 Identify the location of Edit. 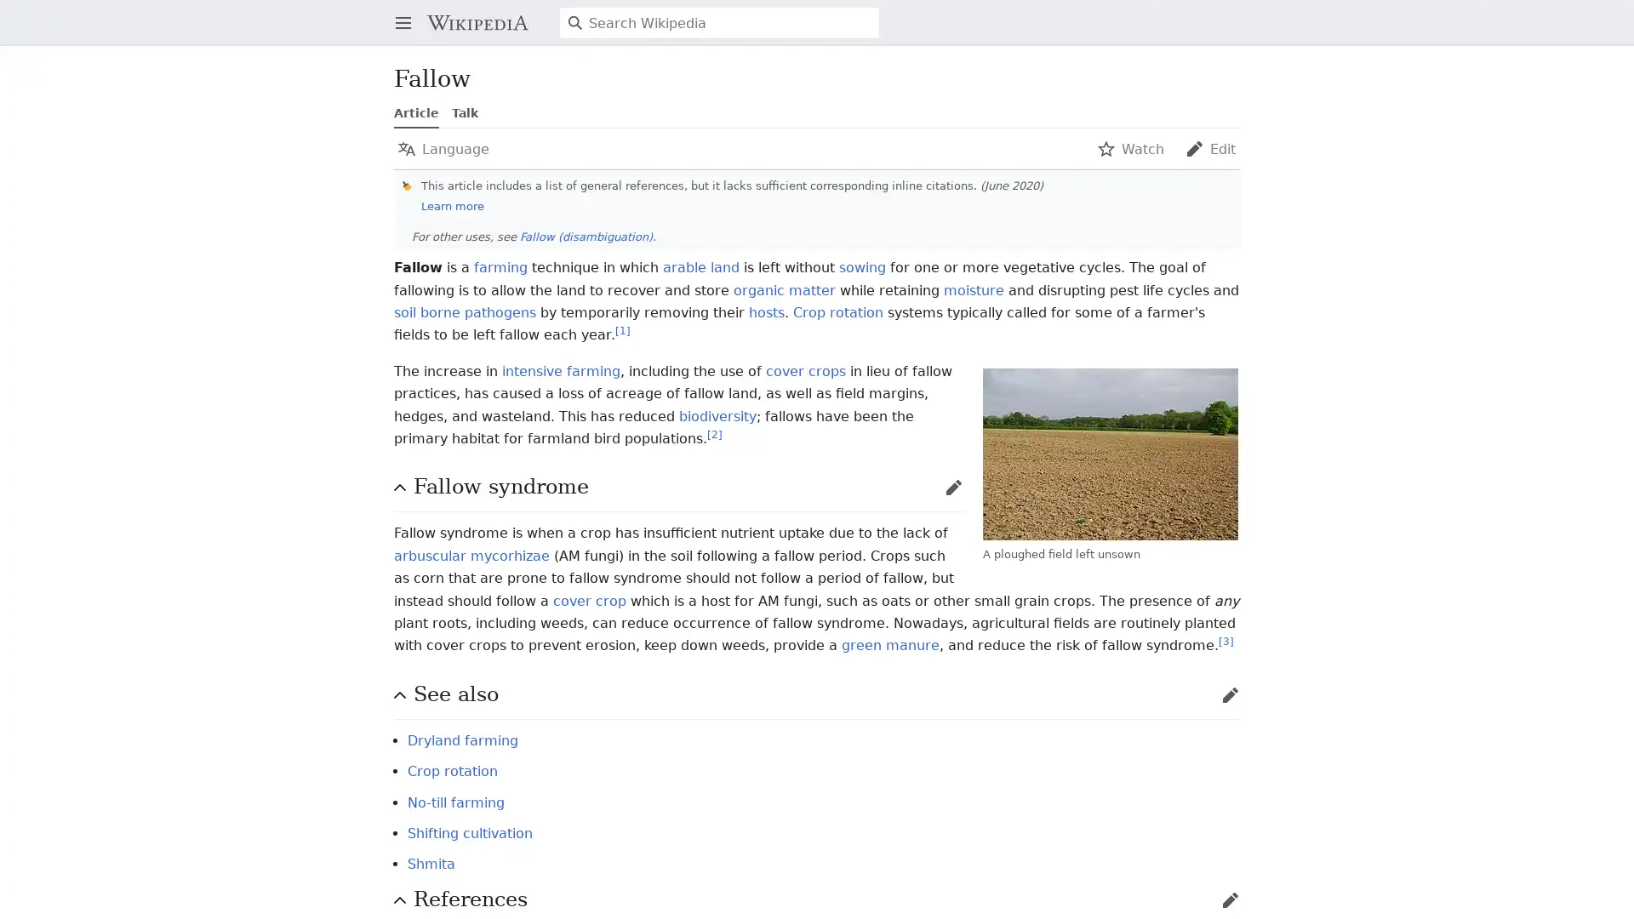
(1208, 147).